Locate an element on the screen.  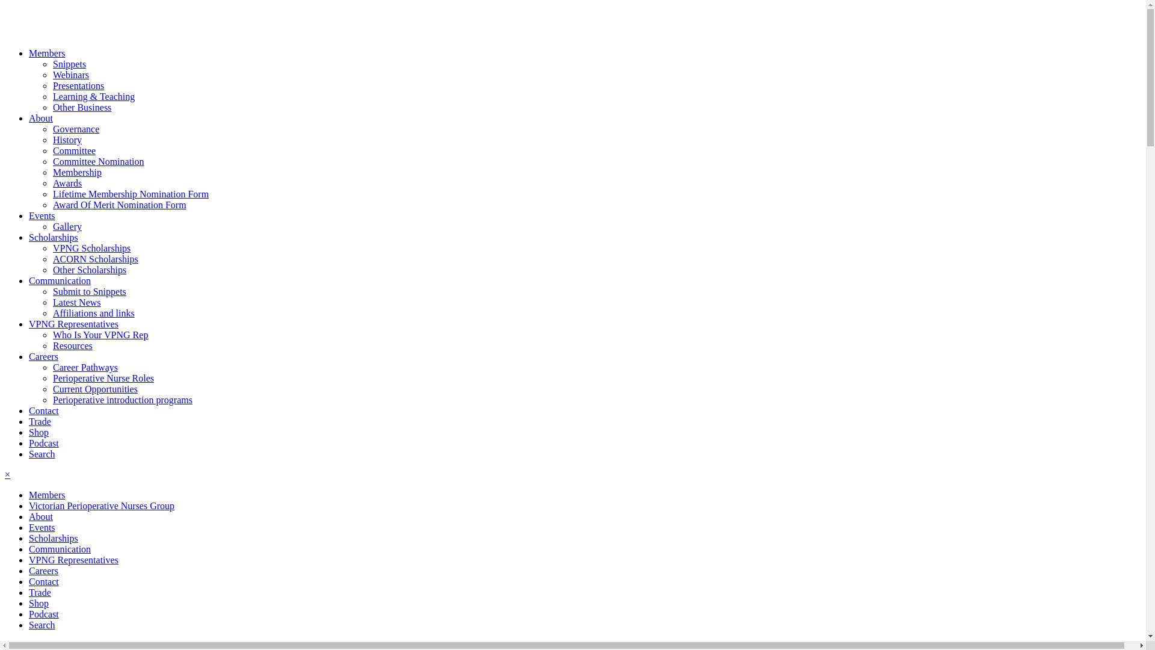
'VPNG Representatives' is located at coordinates (29, 560).